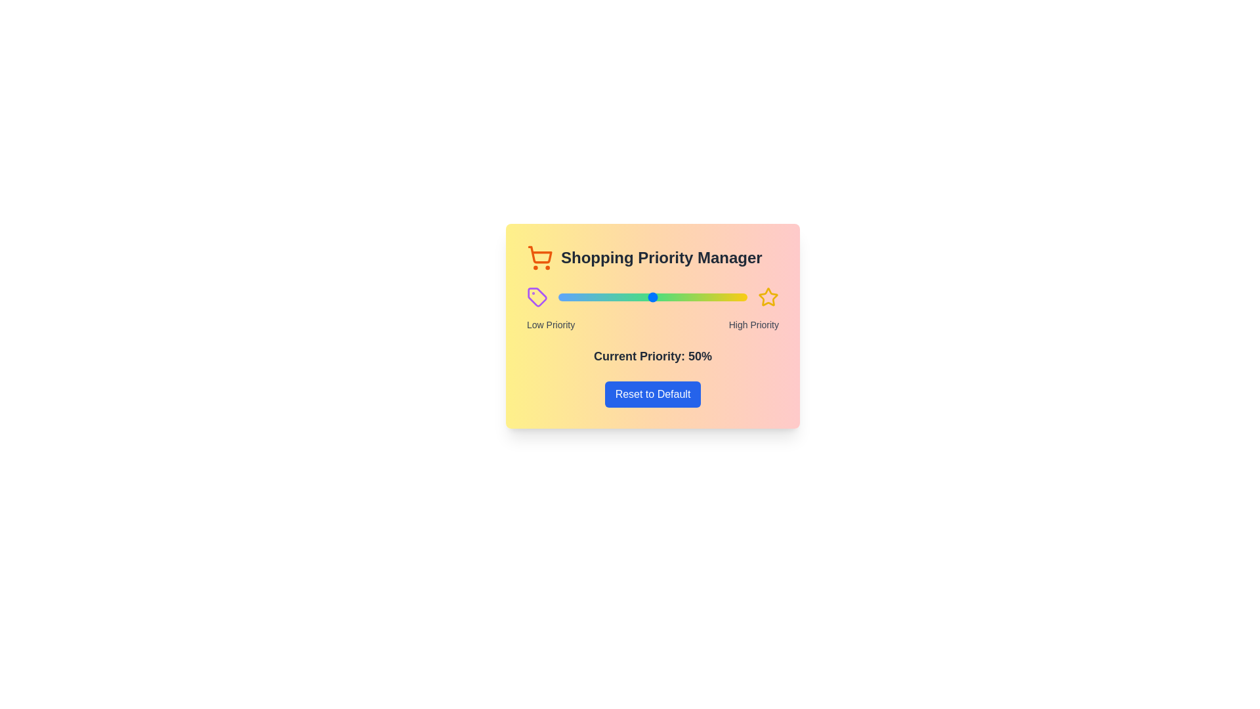  Describe the element at coordinates (733, 297) in the screenshot. I see `the priority to 93% using the slider` at that location.